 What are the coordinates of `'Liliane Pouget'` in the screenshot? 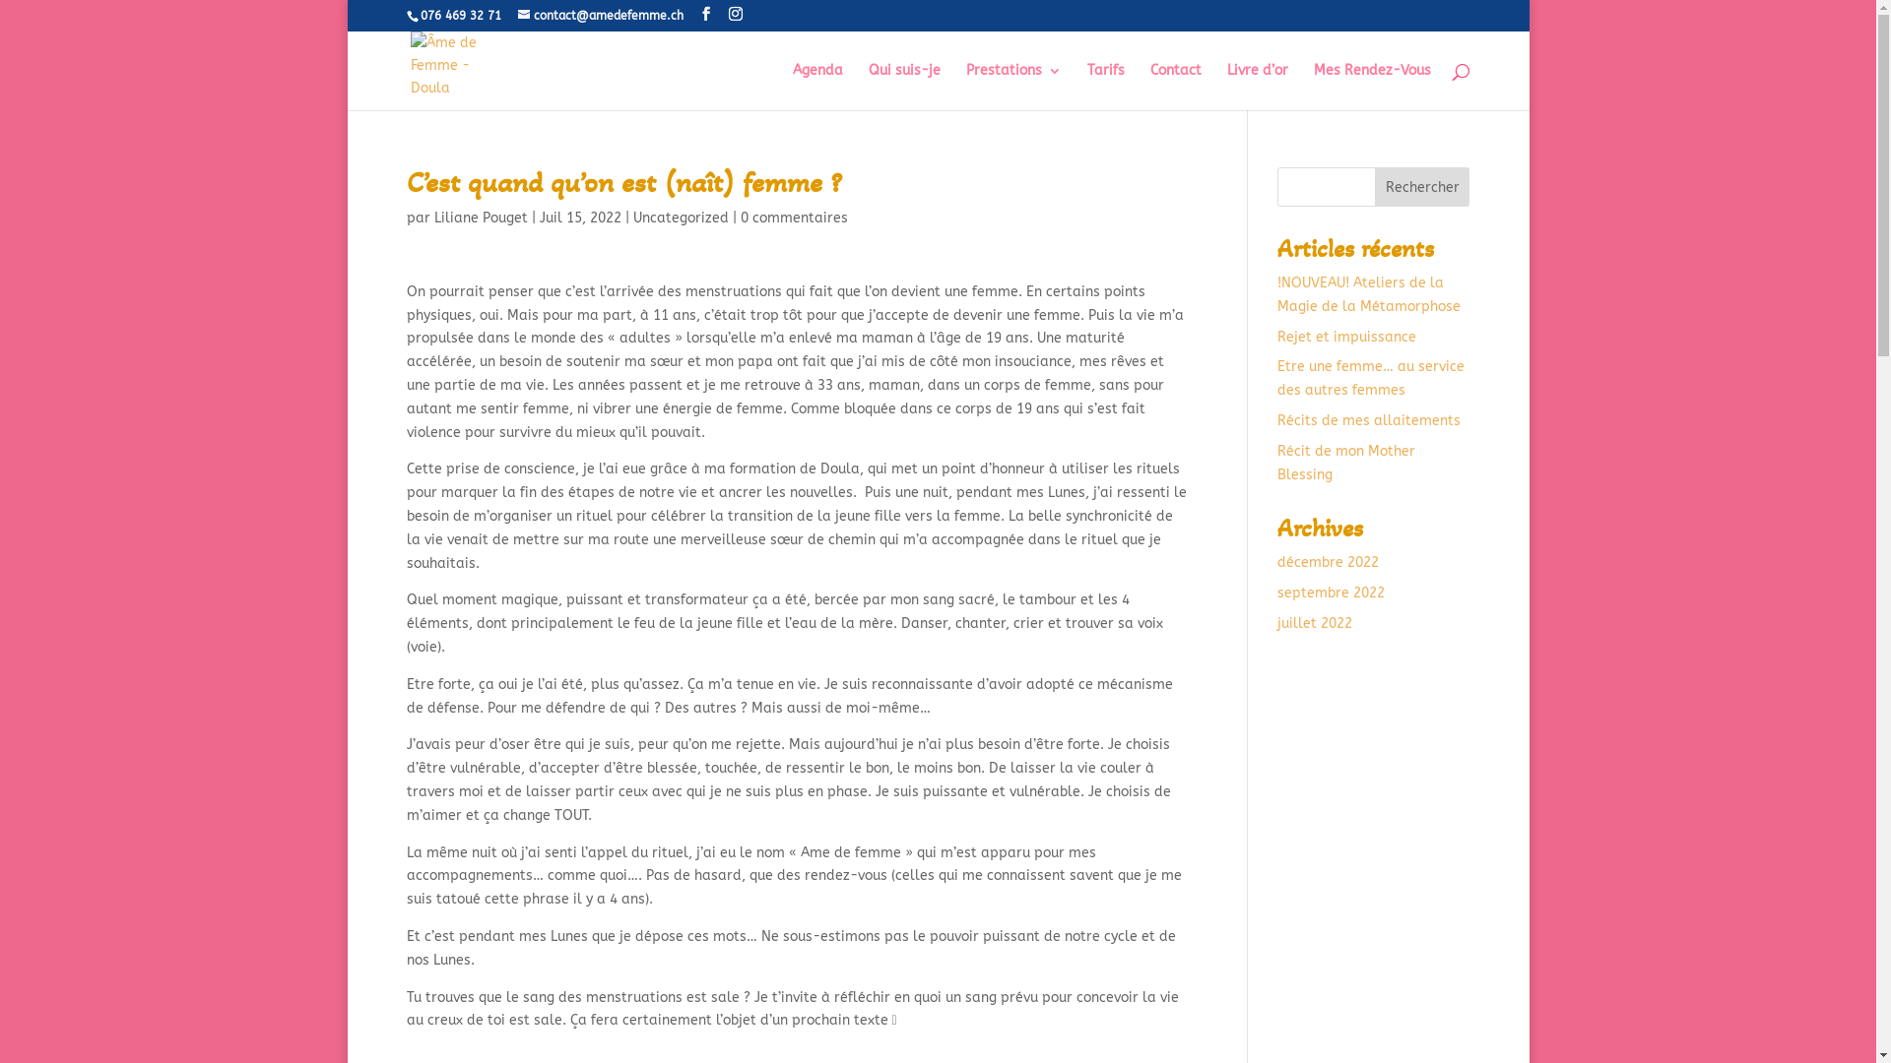 It's located at (480, 218).